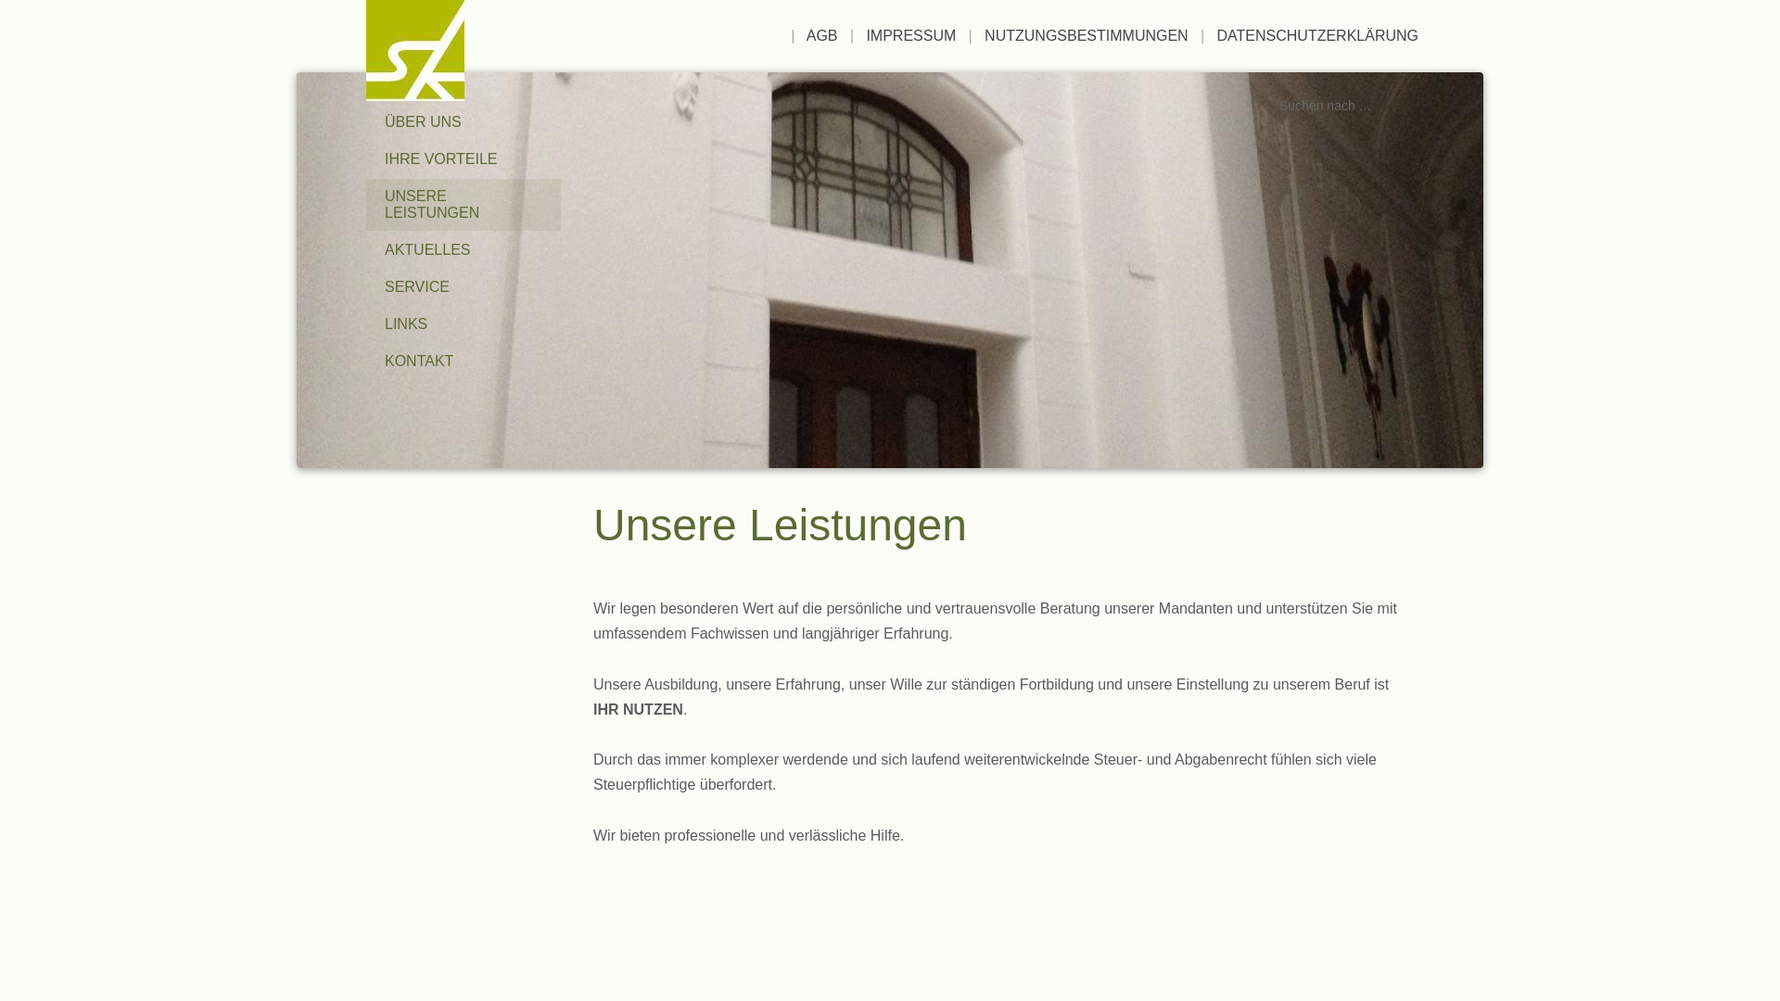 The height and width of the screenshot is (1001, 1780). I want to click on 'KONTAKT', so click(463, 361).